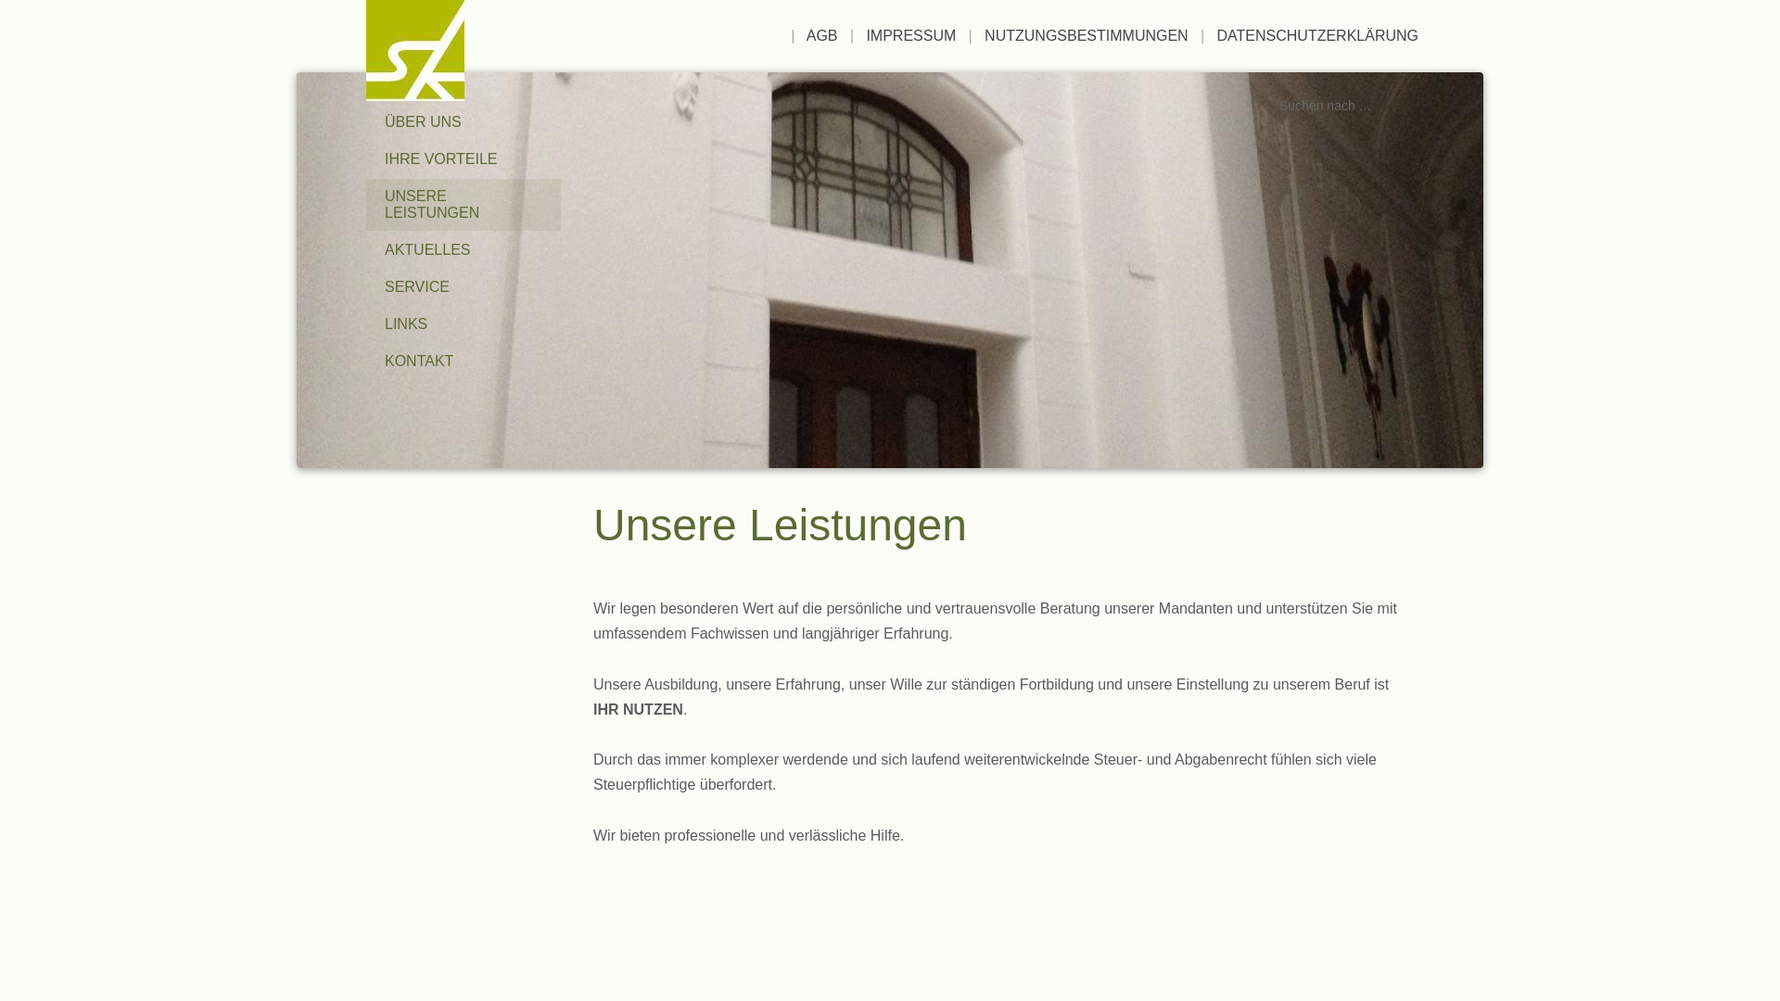 The height and width of the screenshot is (1001, 1780). I want to click on 'KONTAKT', so click(463, 361).